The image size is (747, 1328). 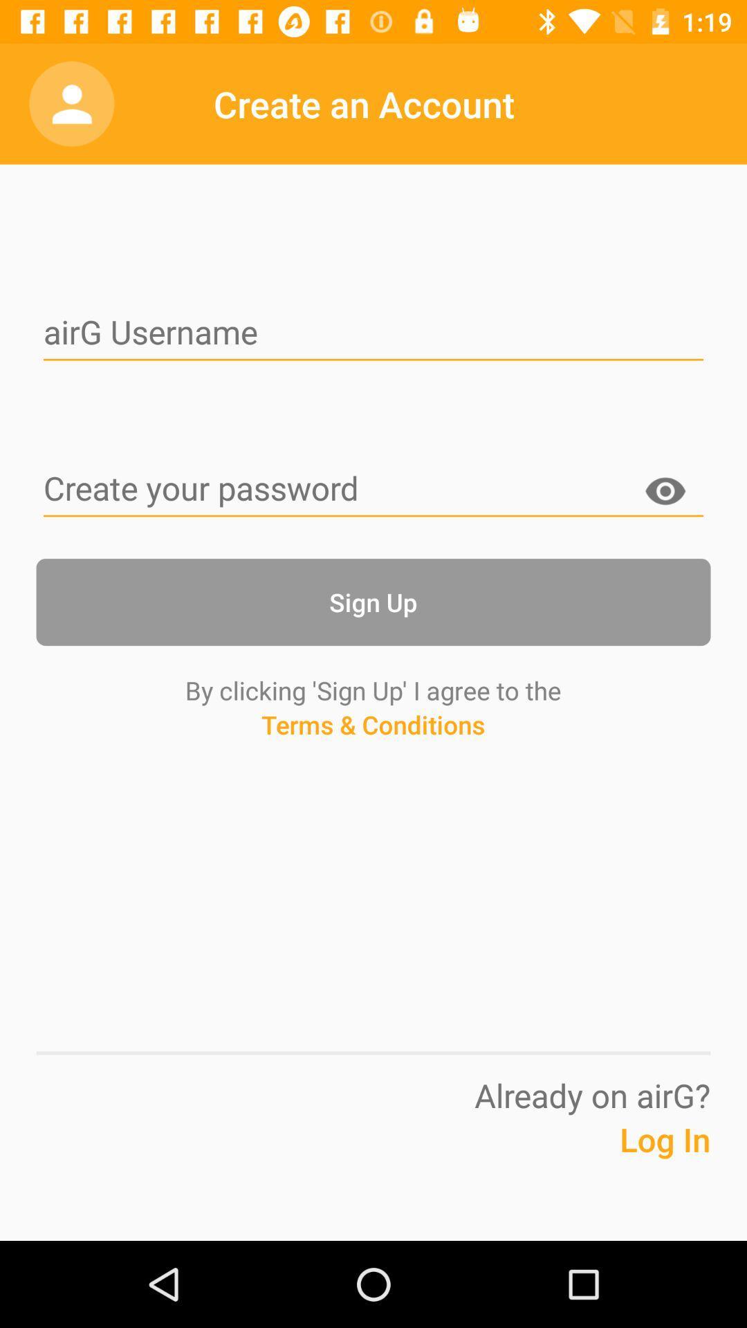 I want to click on password, so click(x=664, y=494).